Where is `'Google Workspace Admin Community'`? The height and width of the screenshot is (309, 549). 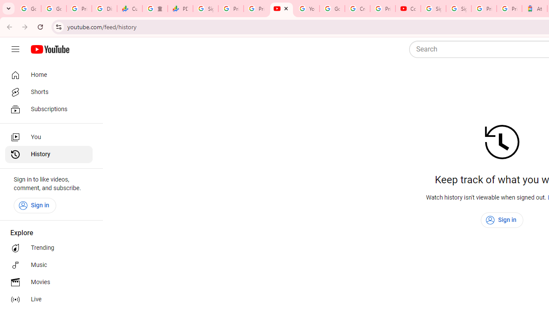 'Google Workspace Admin Community' is located at coordinates (28, 9).